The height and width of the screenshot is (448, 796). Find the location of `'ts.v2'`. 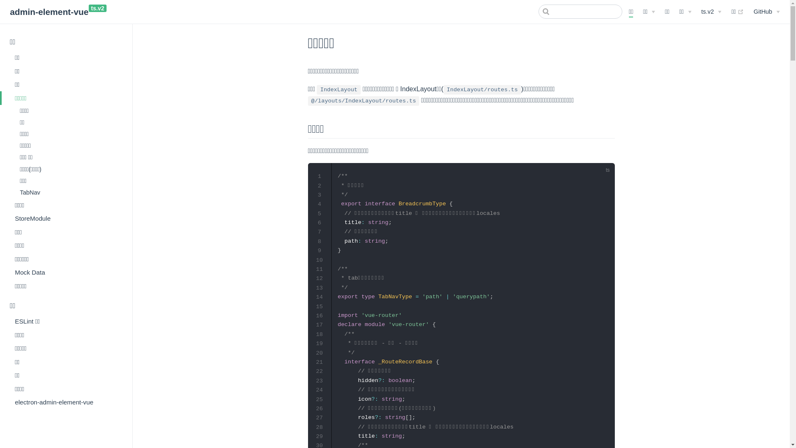

'ts.v2' is located at coordinates (711, 11).